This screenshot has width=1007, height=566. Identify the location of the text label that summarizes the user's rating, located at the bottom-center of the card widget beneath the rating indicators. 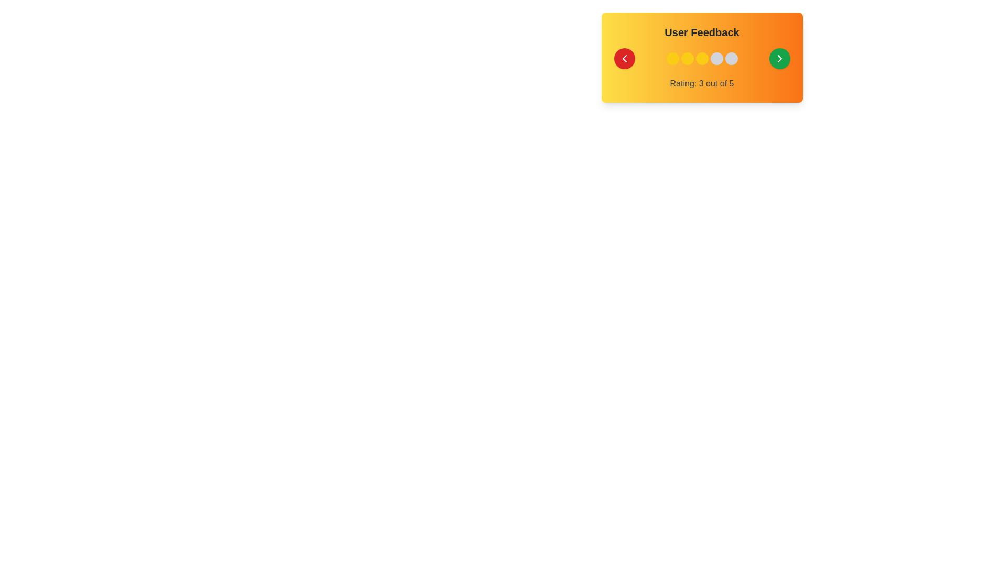
(702, 83).